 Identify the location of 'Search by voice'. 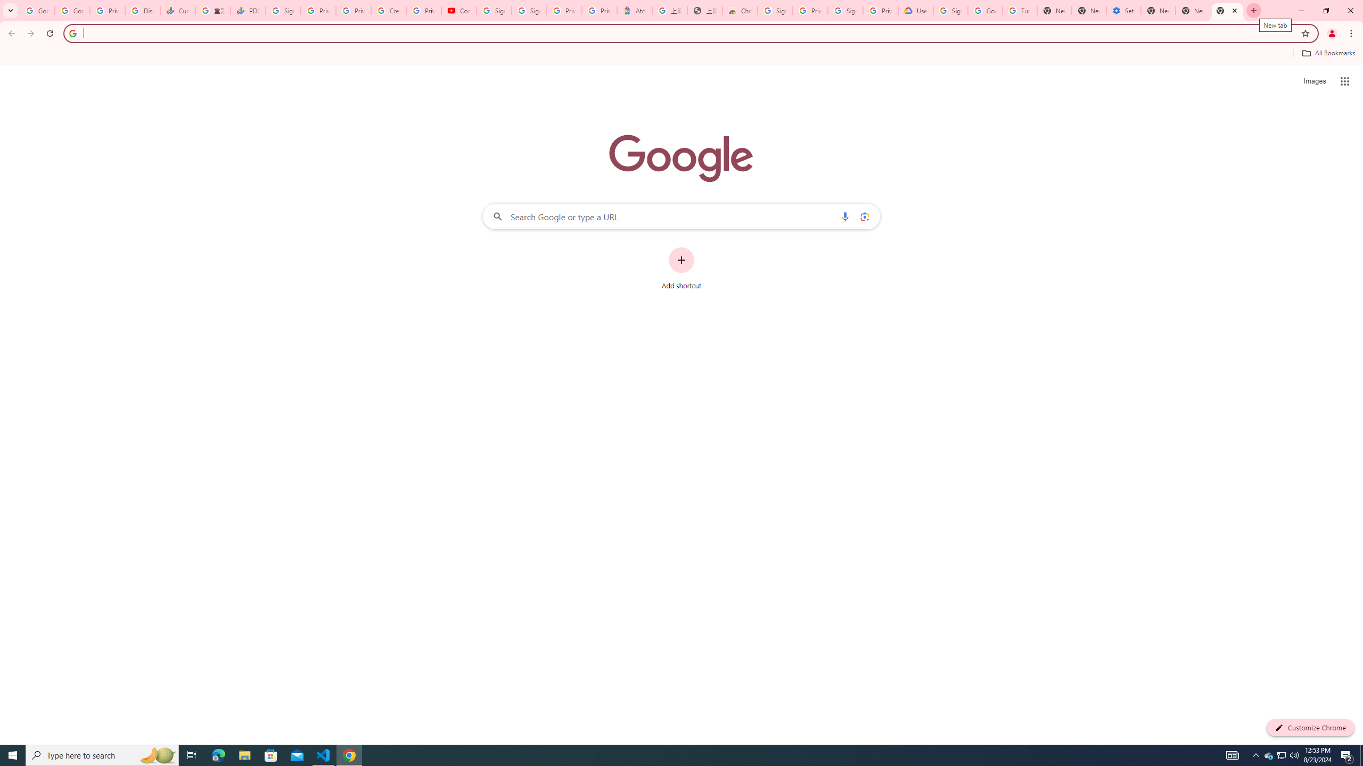
(844, 215).